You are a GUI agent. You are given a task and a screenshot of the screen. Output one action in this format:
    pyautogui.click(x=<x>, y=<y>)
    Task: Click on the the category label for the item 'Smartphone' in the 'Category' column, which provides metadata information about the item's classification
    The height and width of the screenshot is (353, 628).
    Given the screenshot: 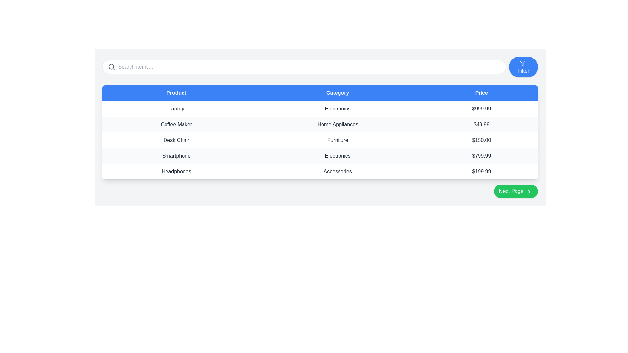 What is the action you would take?
    pyautogui.click(x=338, y=156)
    